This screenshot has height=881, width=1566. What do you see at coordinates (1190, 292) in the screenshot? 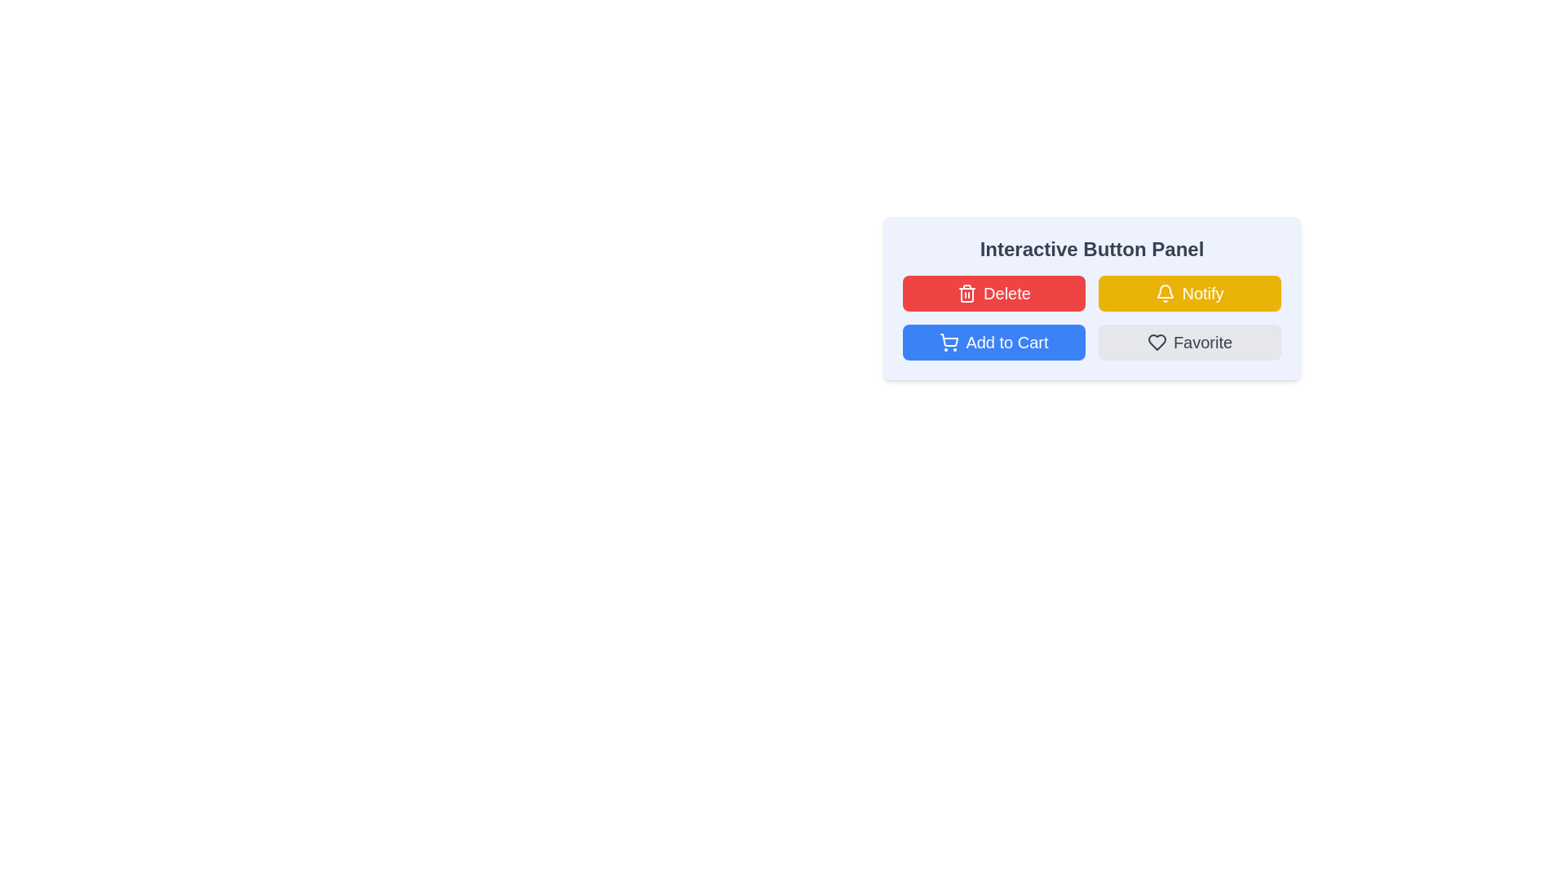
I see `the bright yellow button labeled 'Notify' with a bell icon` at bounding box center [1190, 292].